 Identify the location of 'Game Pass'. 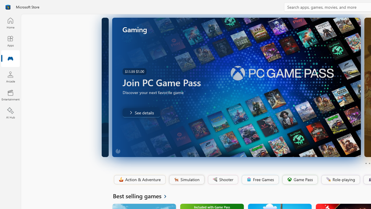
(299, 179).